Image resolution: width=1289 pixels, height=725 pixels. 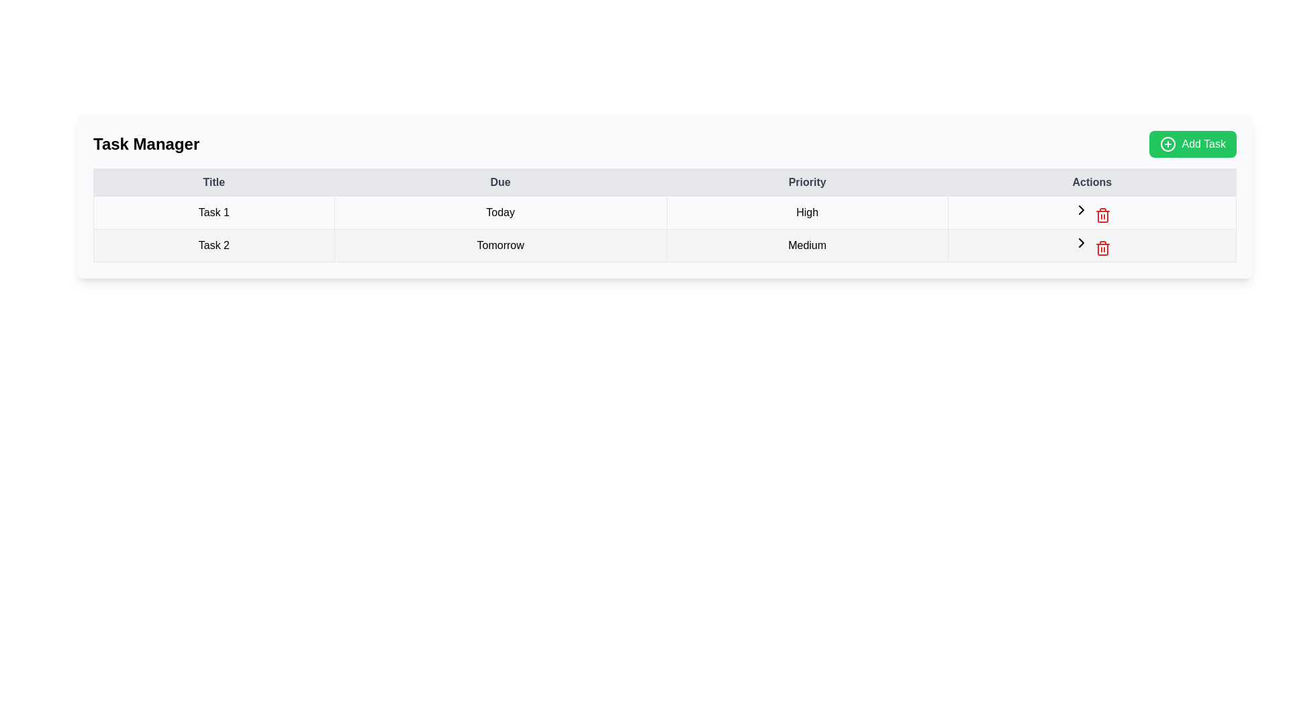 What do you see at coordinates (1081, 242) in the screenshot?
I see `the rightward-pointing Chevron icon in the Actions column of the second row in the task table` at bounding box center [1081, 242].